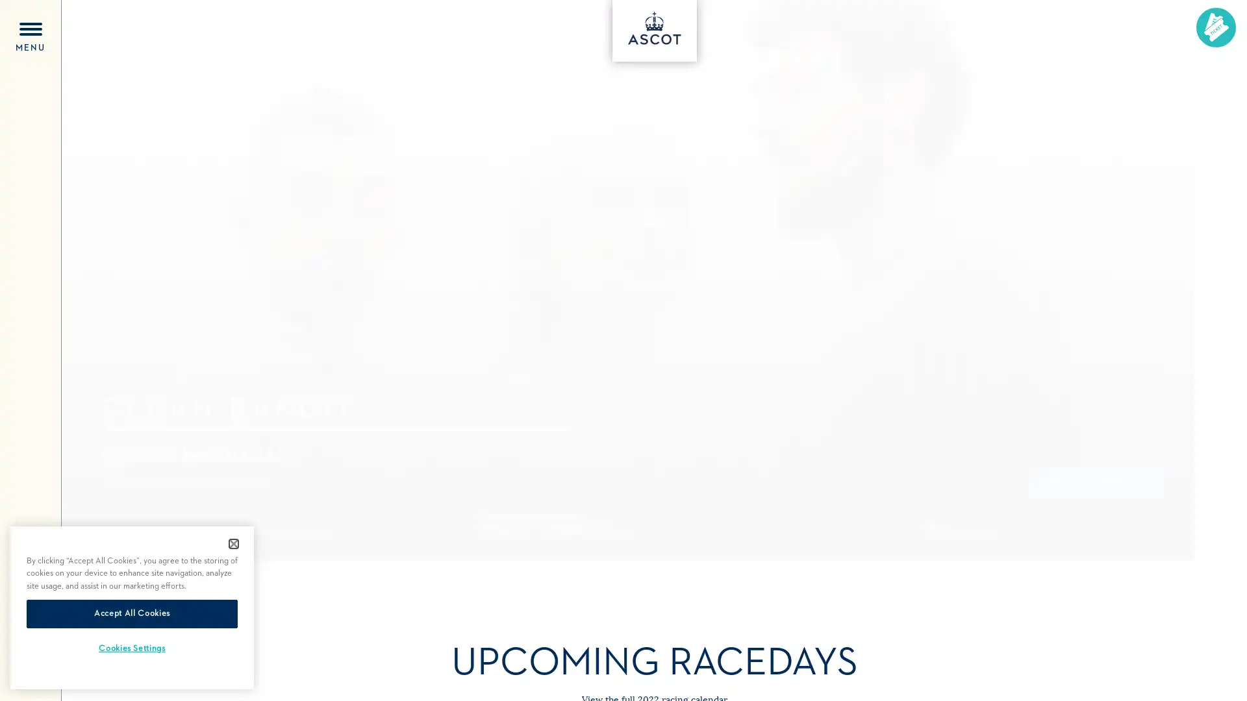 The width and height of the screenshot is (1247, 701). Describe the element at coordinates (234, 543) in the screenshot. I see `Close` at that location.